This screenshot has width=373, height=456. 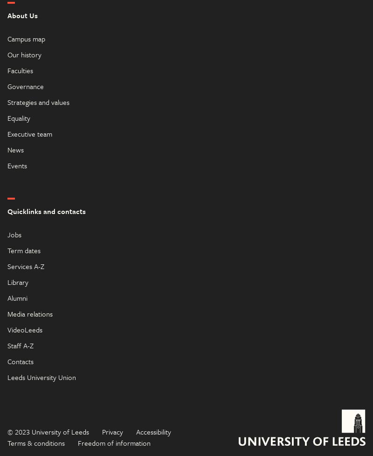 What do you see at coordinates (26, 38) in the screenshot?
I see `'Campus map'` at bounding box center [26, 38].